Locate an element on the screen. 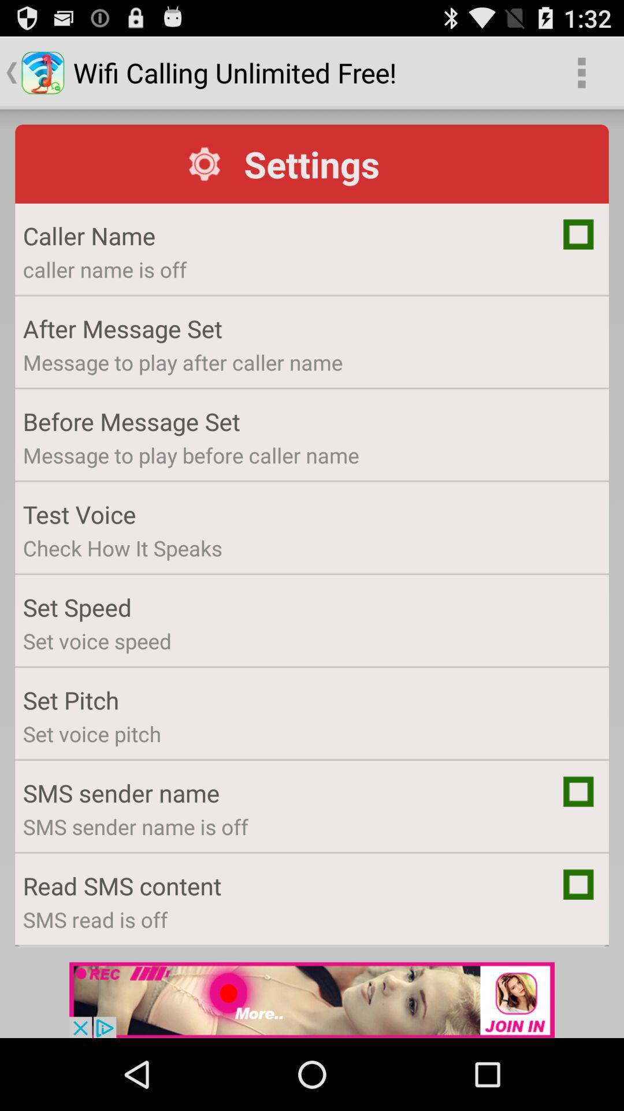 The height and width of the screenshot is (1111, 624). on/off is located at coordinates (578, 884).